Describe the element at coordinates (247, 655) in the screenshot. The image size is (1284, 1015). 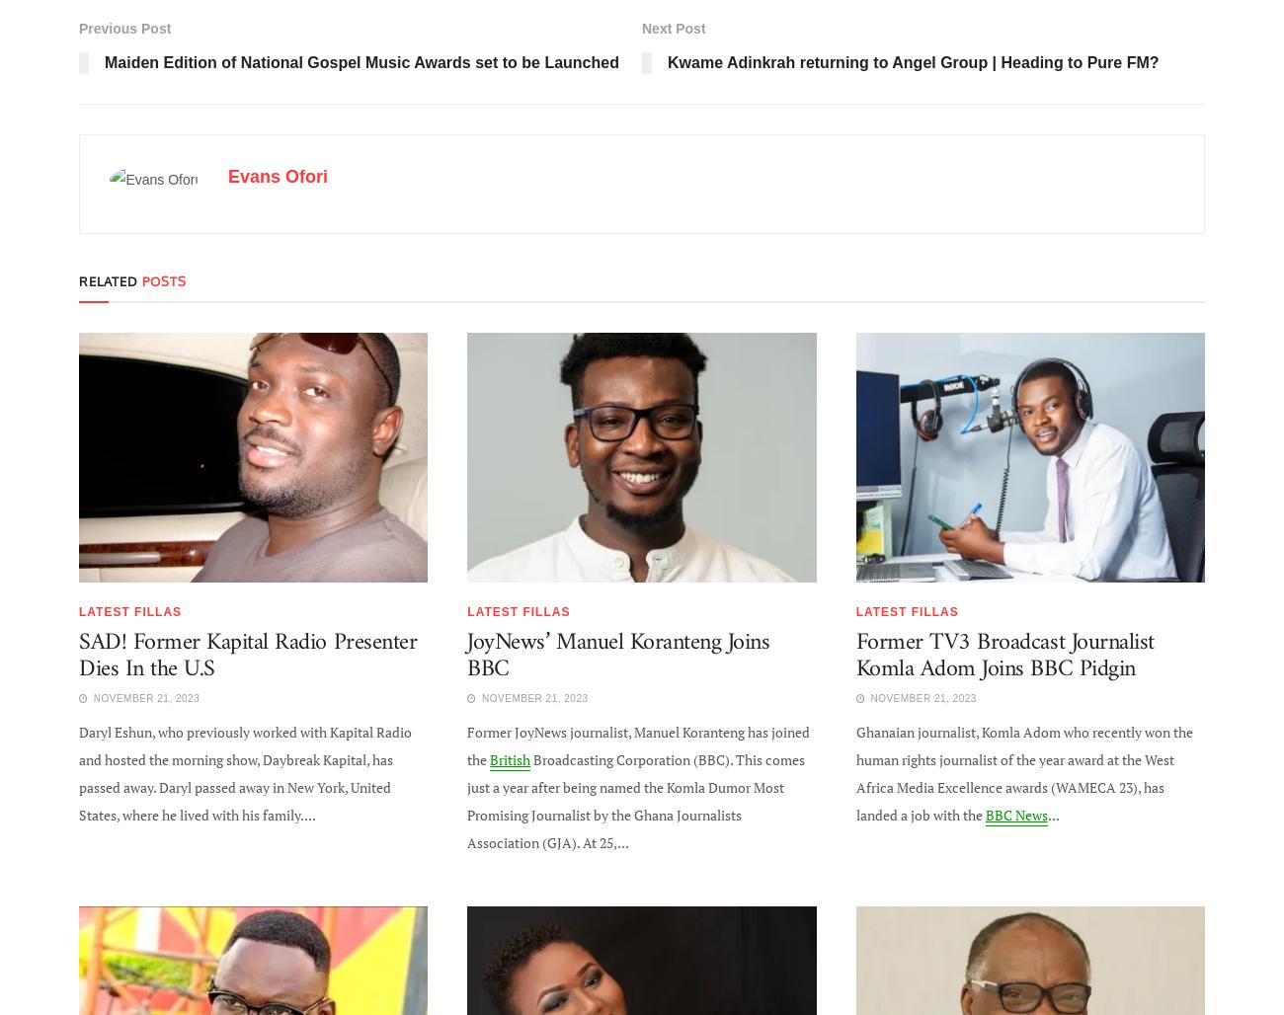
I see `'SAD! Former Kapital Radio Presenter Dies In the U.S'` at that location.